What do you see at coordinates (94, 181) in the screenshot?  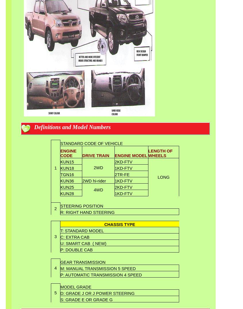 I see `'2WD hi-rider'` at bounding box center [94, 181].